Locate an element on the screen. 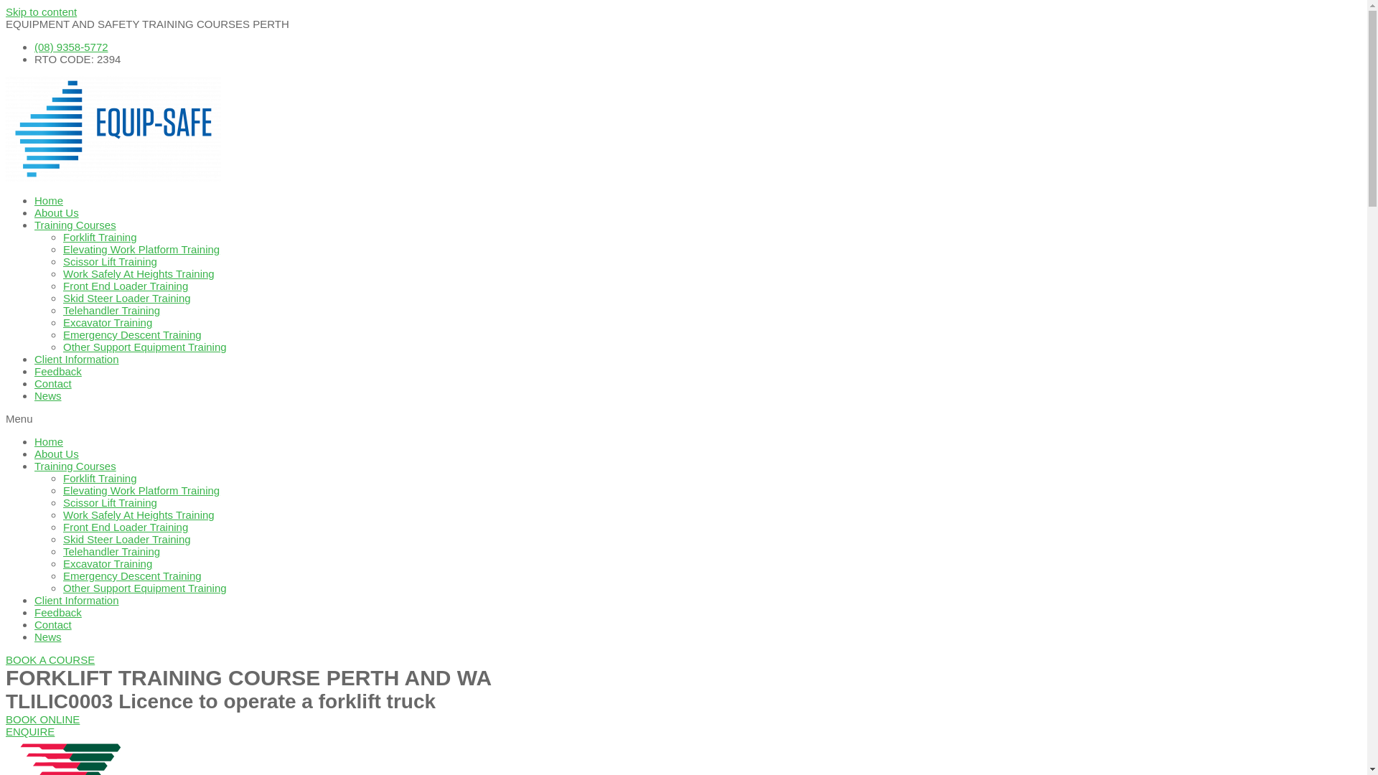  'BOOK A COURSE' is located at coordinates (6, 659).